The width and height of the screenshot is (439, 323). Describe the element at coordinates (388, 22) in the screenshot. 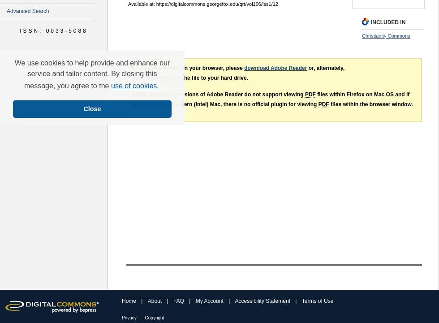

I see `'Included in'` at that location.